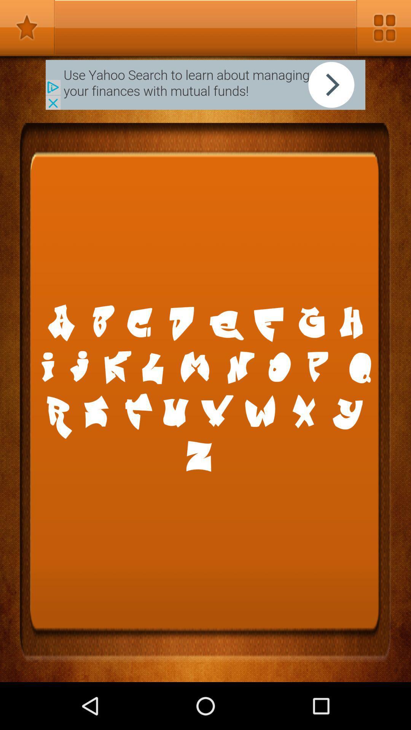  I want to click on rating, so click(27, 27).